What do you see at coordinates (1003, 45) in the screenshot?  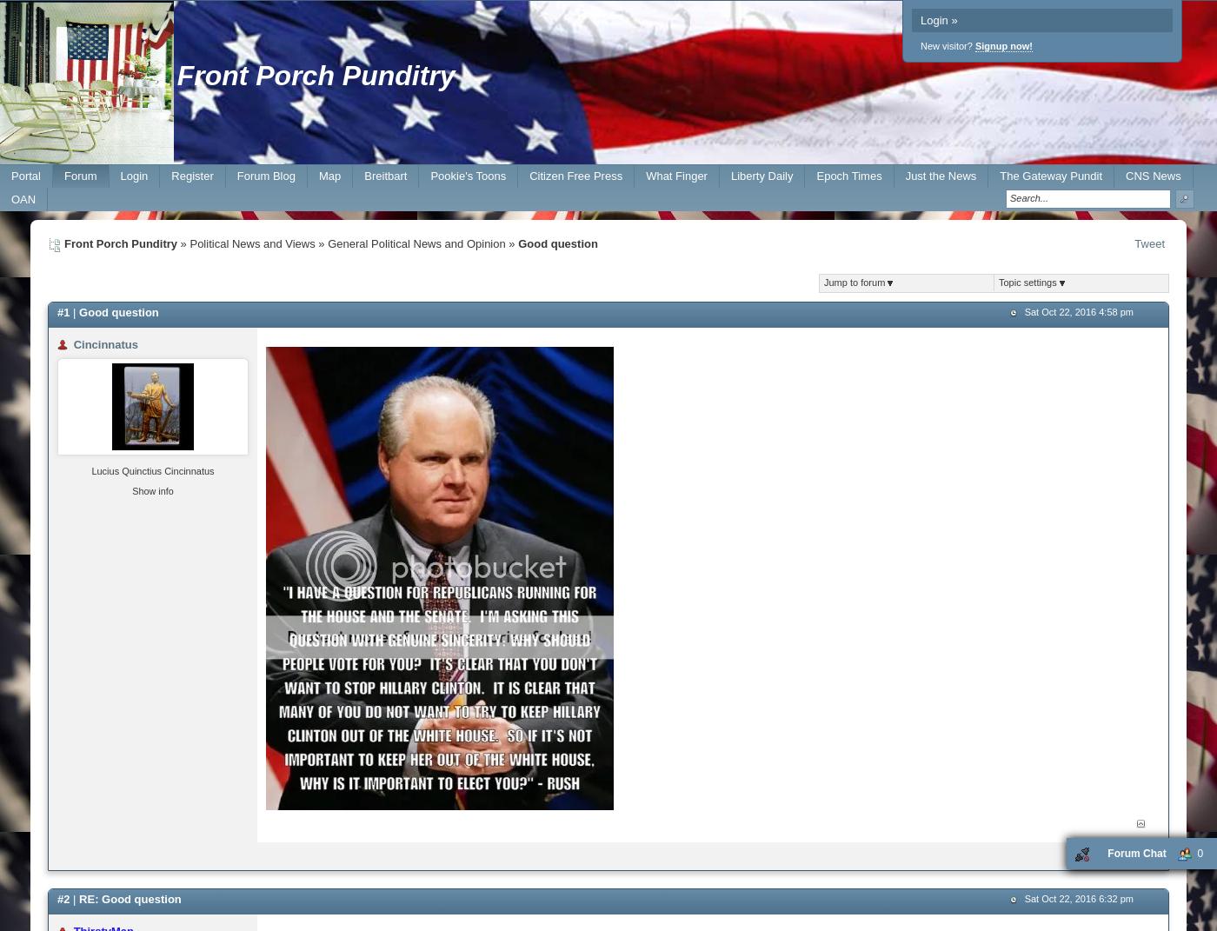 I see `'Signup now!'` at bounding box center [1003, 45].